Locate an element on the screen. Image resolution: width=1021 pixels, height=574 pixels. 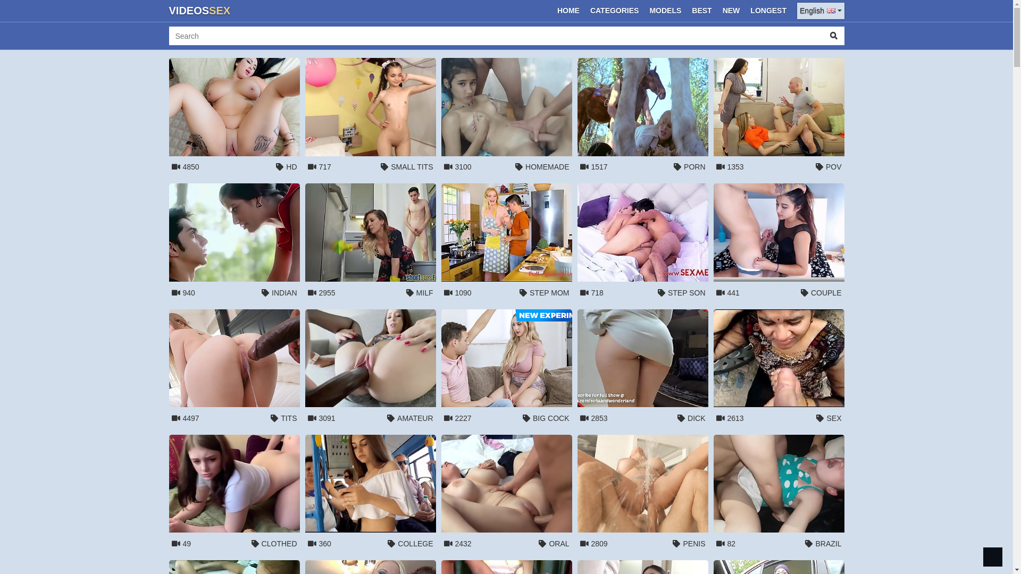
'2955 is located at coordinates (370, 243).